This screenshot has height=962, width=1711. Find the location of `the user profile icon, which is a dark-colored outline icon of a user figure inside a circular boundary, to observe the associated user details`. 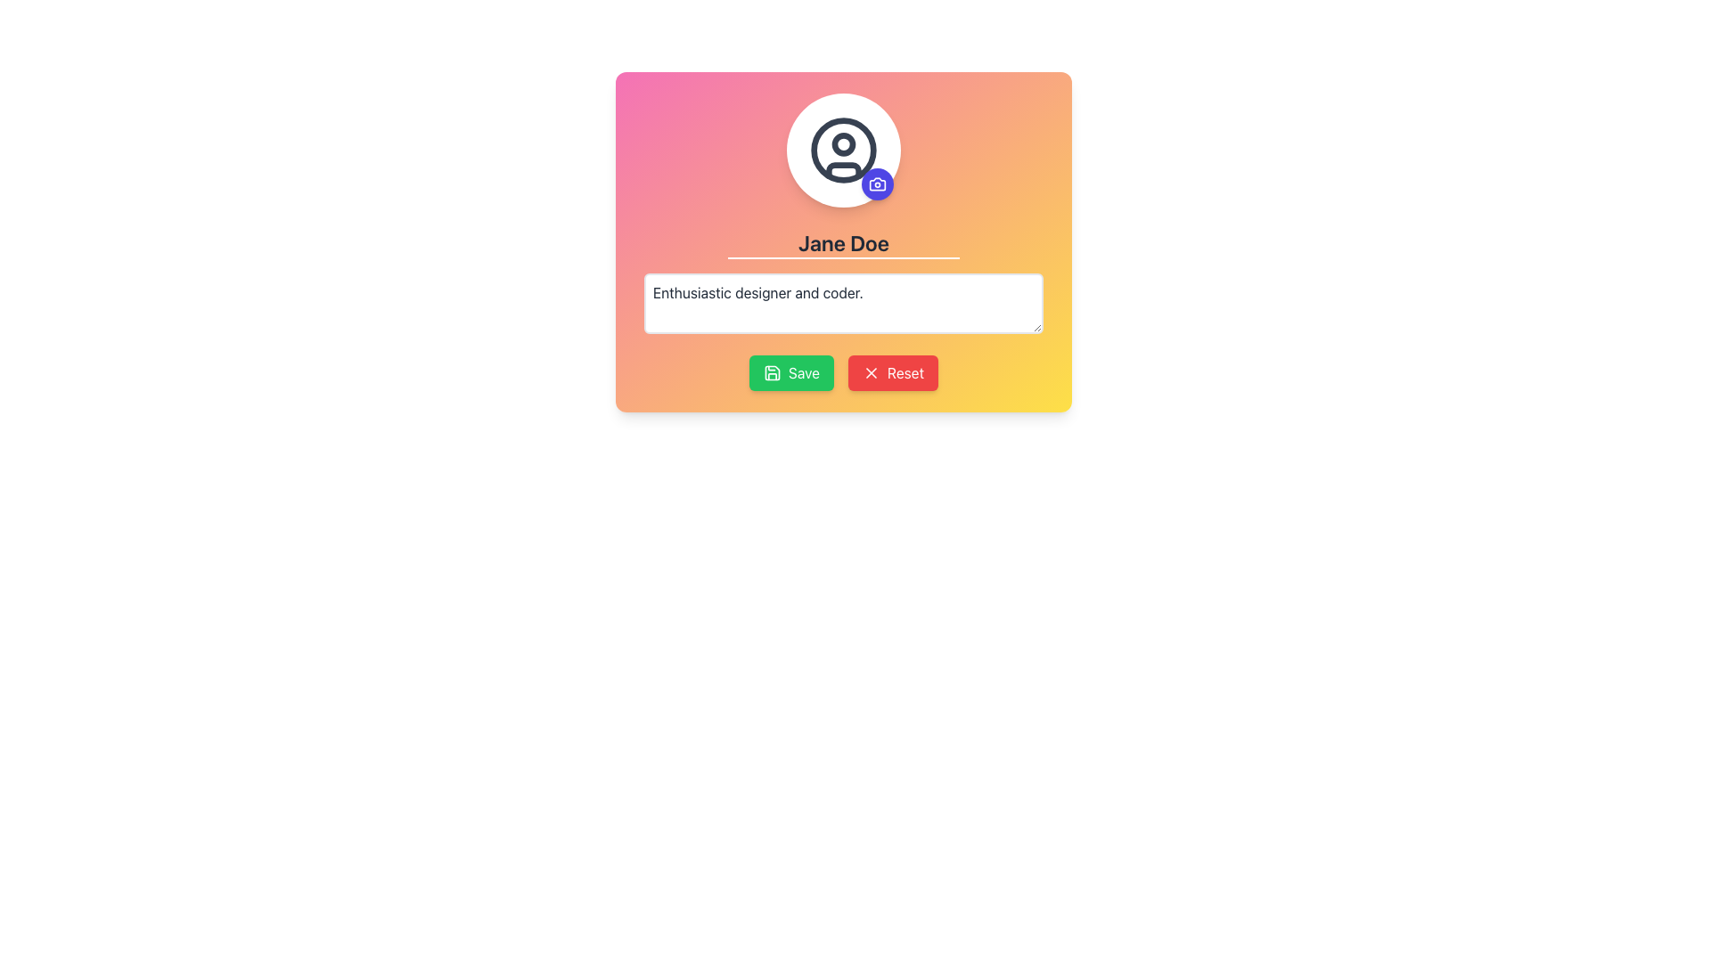

the user profile icon, which is a dark-colored outline icon of a user figure inside a circular boundary, to observe the associated user details is located at coordinates (842, 150).